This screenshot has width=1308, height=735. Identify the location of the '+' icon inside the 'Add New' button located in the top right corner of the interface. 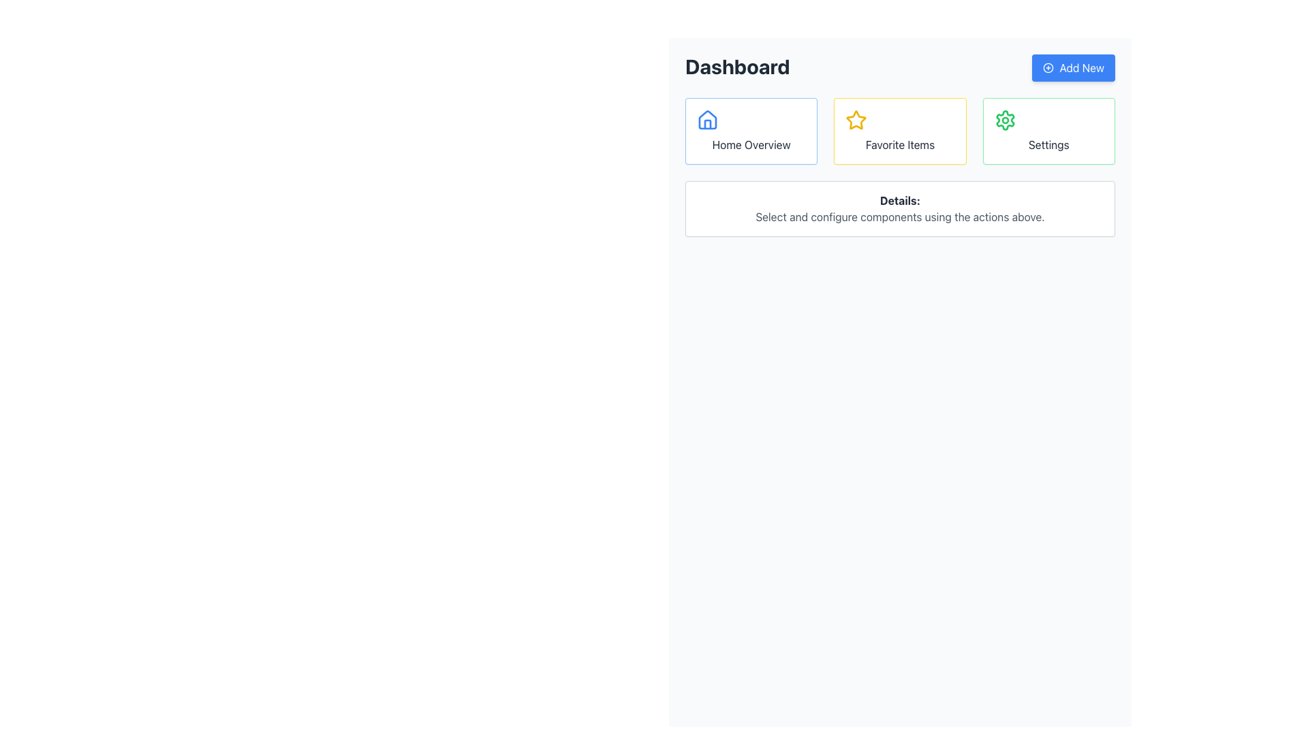
(1048, 68).